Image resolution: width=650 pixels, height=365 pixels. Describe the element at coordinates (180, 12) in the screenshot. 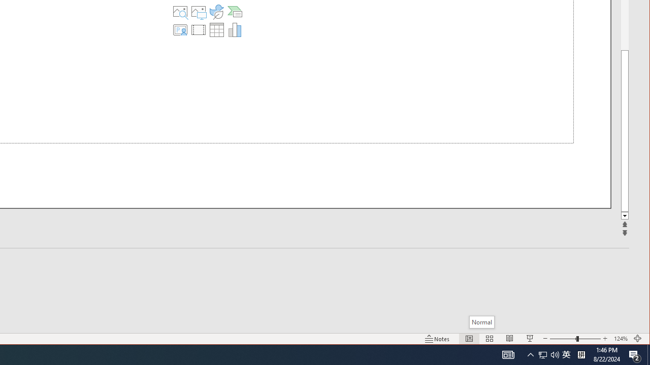

I see `'Stock Images'` at that location.